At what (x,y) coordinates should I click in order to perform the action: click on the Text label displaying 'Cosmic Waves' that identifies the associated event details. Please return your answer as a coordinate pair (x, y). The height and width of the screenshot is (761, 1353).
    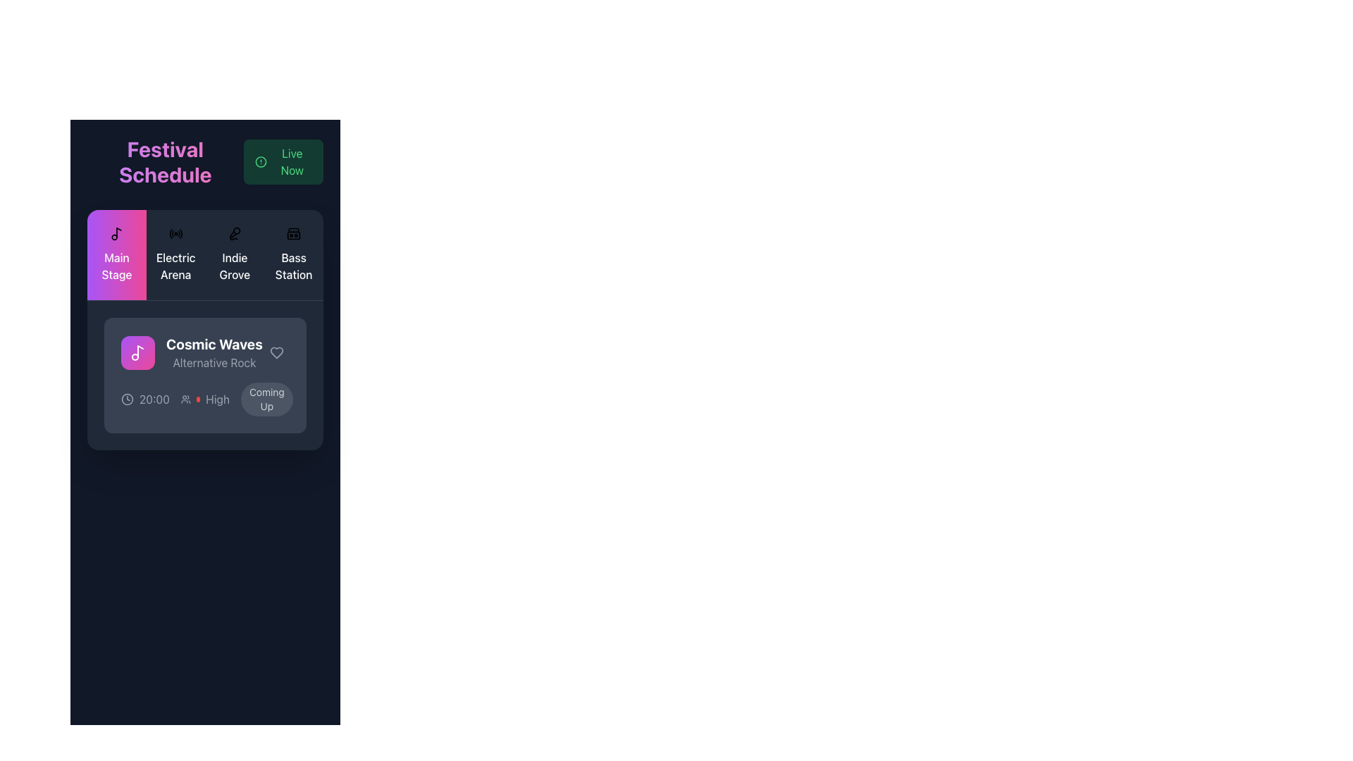
    Looking at the image, I should click on (214, 345).